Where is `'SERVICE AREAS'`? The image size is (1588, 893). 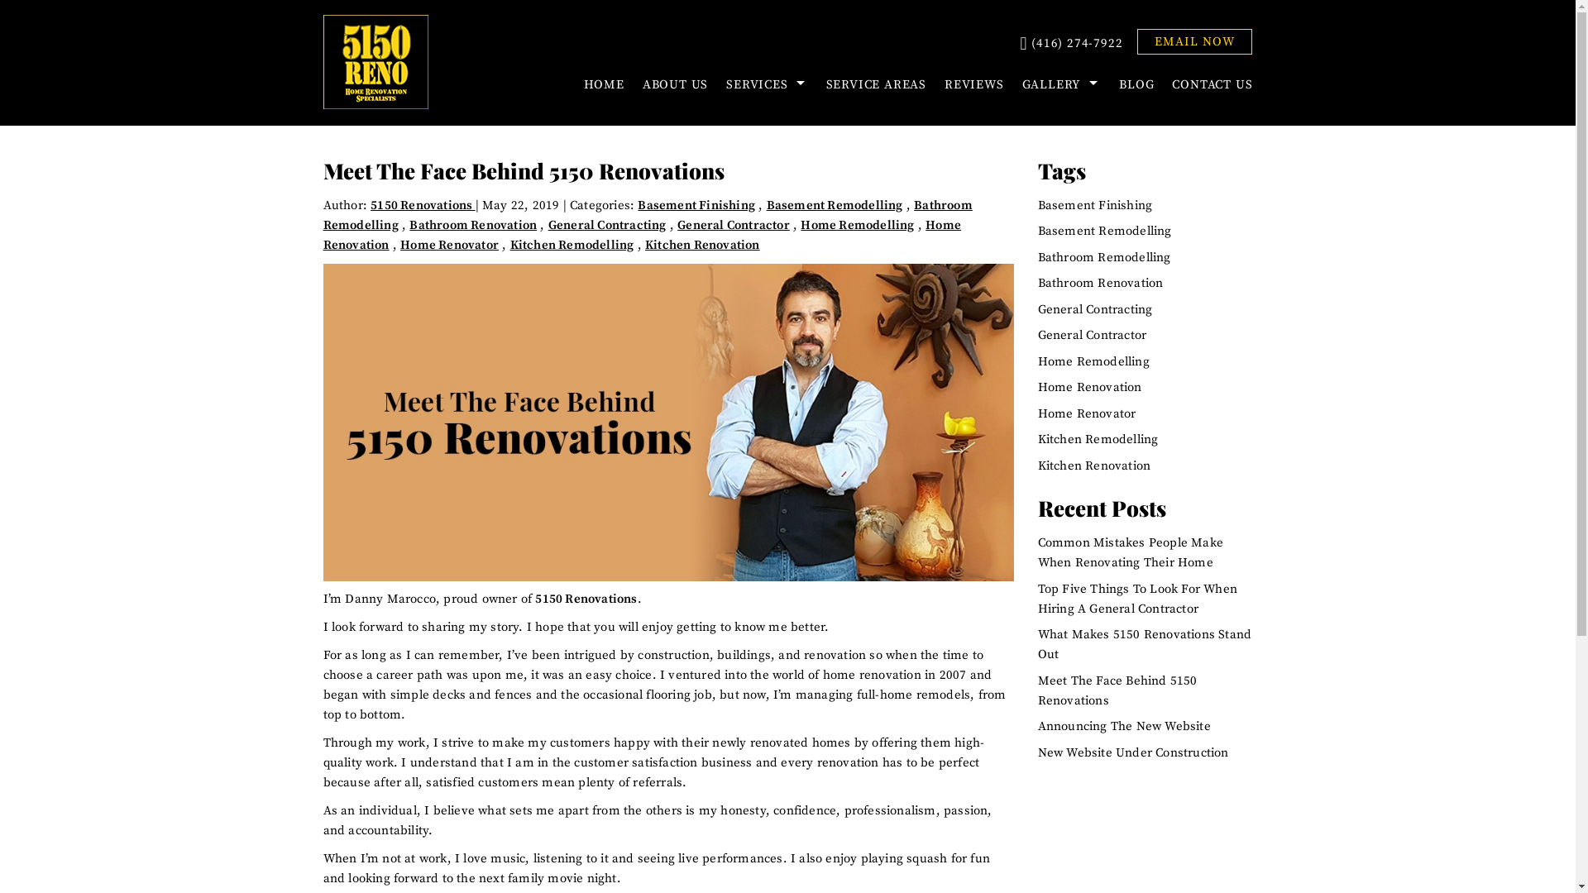 'SERVICE AREAS' is located at coordinates (875, 84).